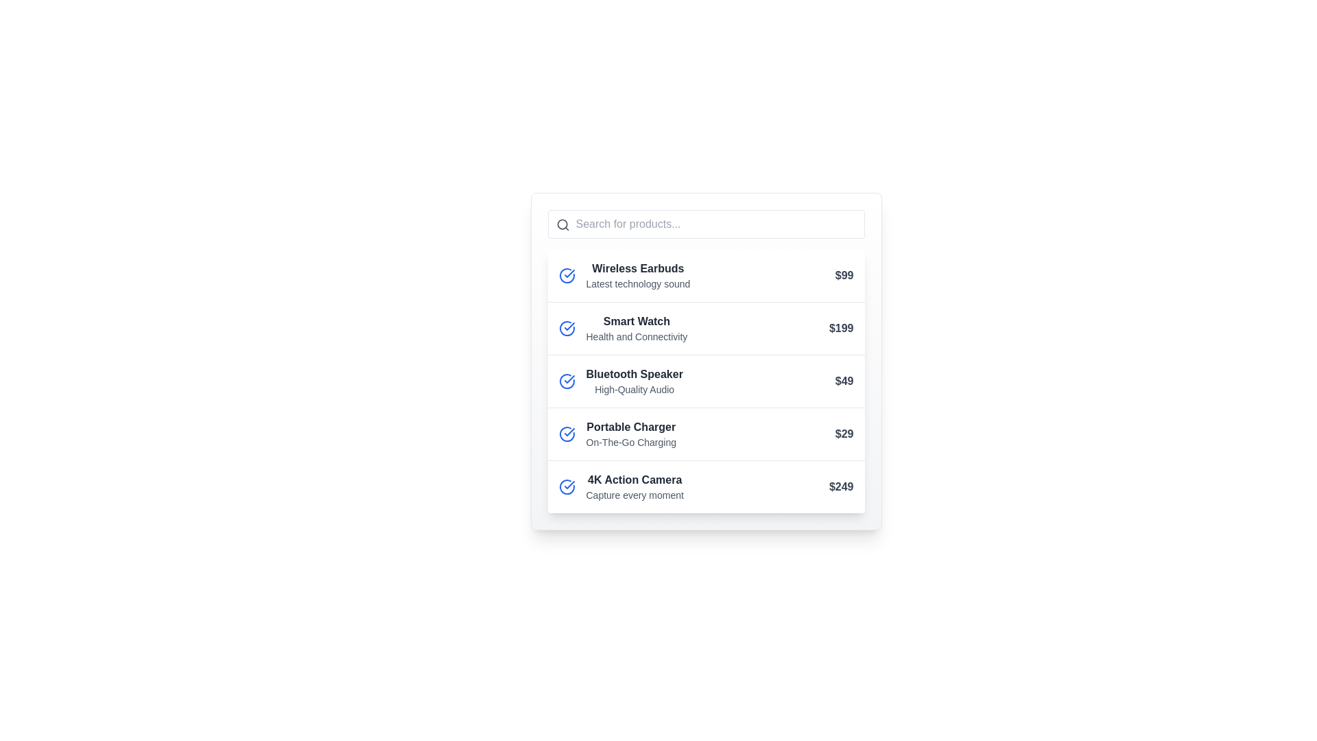  I want to click on bold text displaying the price '$249' in gray color, positioned at the far-right of the product entry list, so click(840, 486).